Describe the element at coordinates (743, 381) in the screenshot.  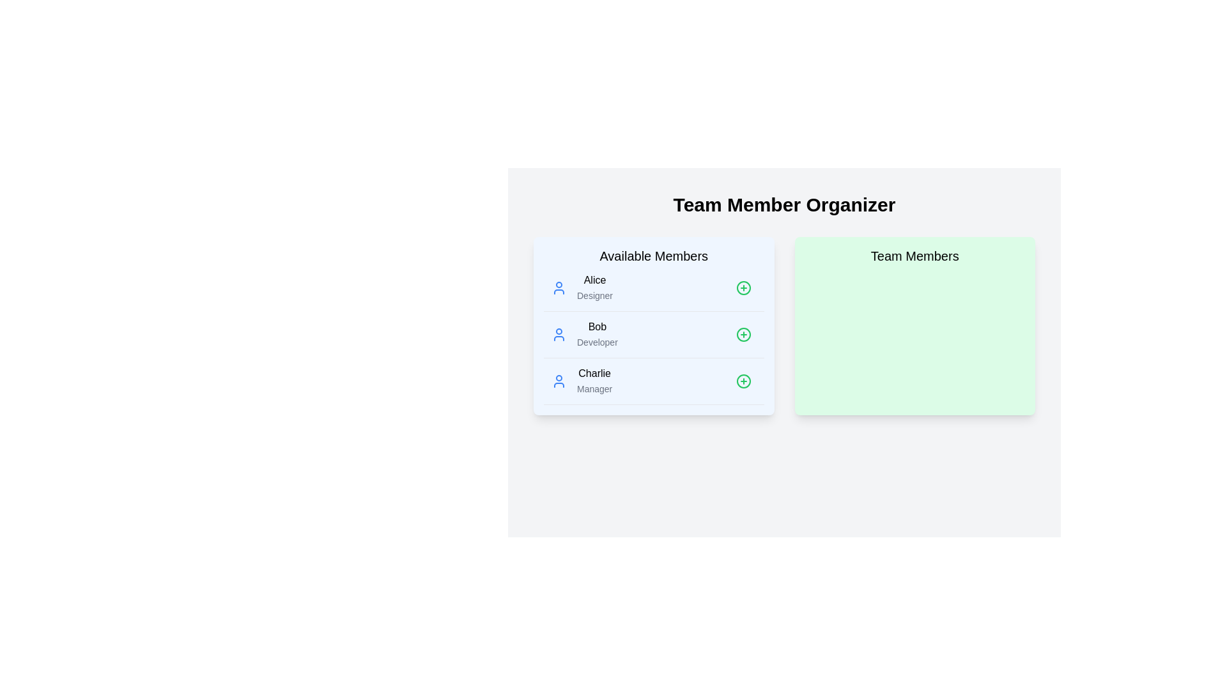
I see `the circular SVG graphic element that represents a 'circle plus' icon, which is centered near the 'Charlie, Manager' item in the 'Available Members' list` at that location.